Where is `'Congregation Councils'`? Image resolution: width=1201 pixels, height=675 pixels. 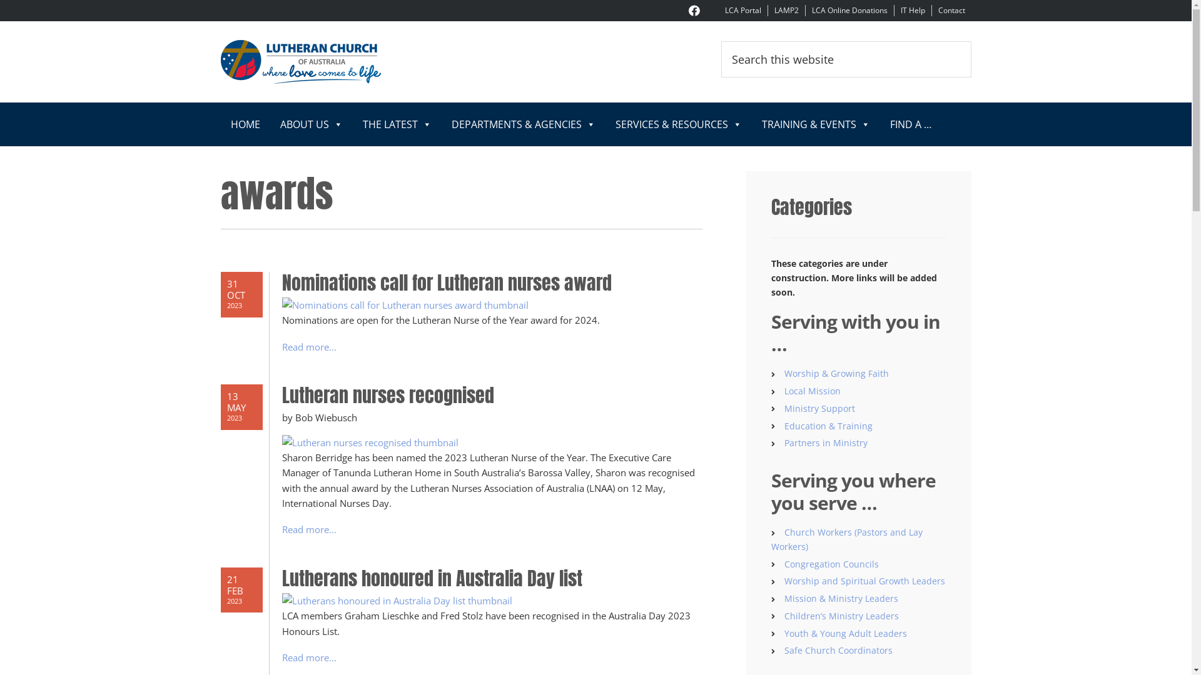 'Congregation Councils' is located at coordinates (831, 563).